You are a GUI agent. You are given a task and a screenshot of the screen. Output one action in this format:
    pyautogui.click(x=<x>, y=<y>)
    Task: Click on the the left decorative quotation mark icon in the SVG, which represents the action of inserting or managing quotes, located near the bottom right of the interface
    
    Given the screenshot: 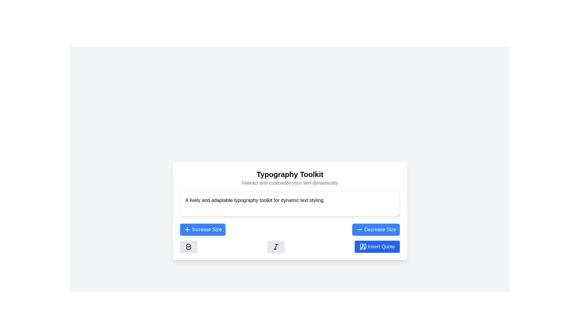 What is the action you would take?
    pyautogui.click(x=361, y=246)
    